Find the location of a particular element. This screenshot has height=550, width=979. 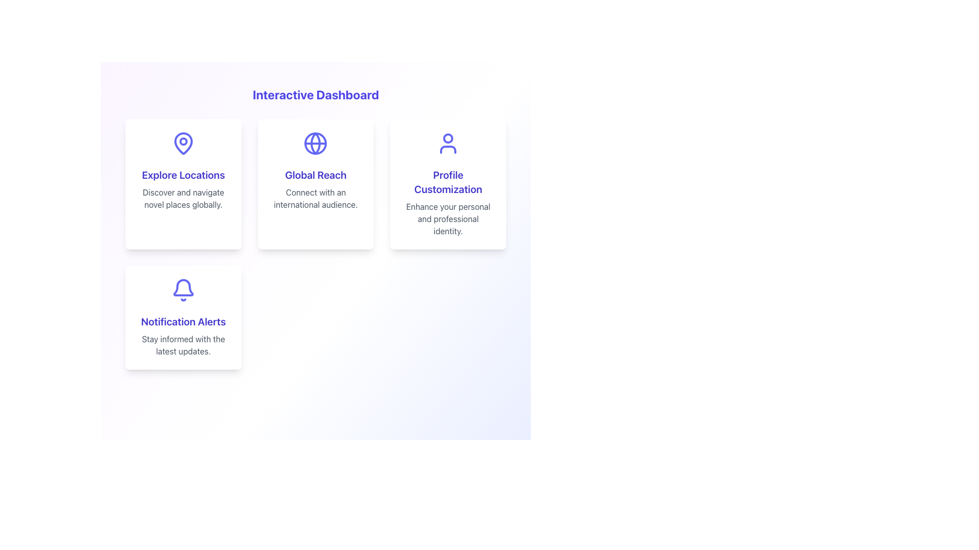

information provided in the Notification Alerts card, which includes the title 'Notification Alerts' and the description 'Stay informed with the latest updates.' is located at coordinates (183, 317).